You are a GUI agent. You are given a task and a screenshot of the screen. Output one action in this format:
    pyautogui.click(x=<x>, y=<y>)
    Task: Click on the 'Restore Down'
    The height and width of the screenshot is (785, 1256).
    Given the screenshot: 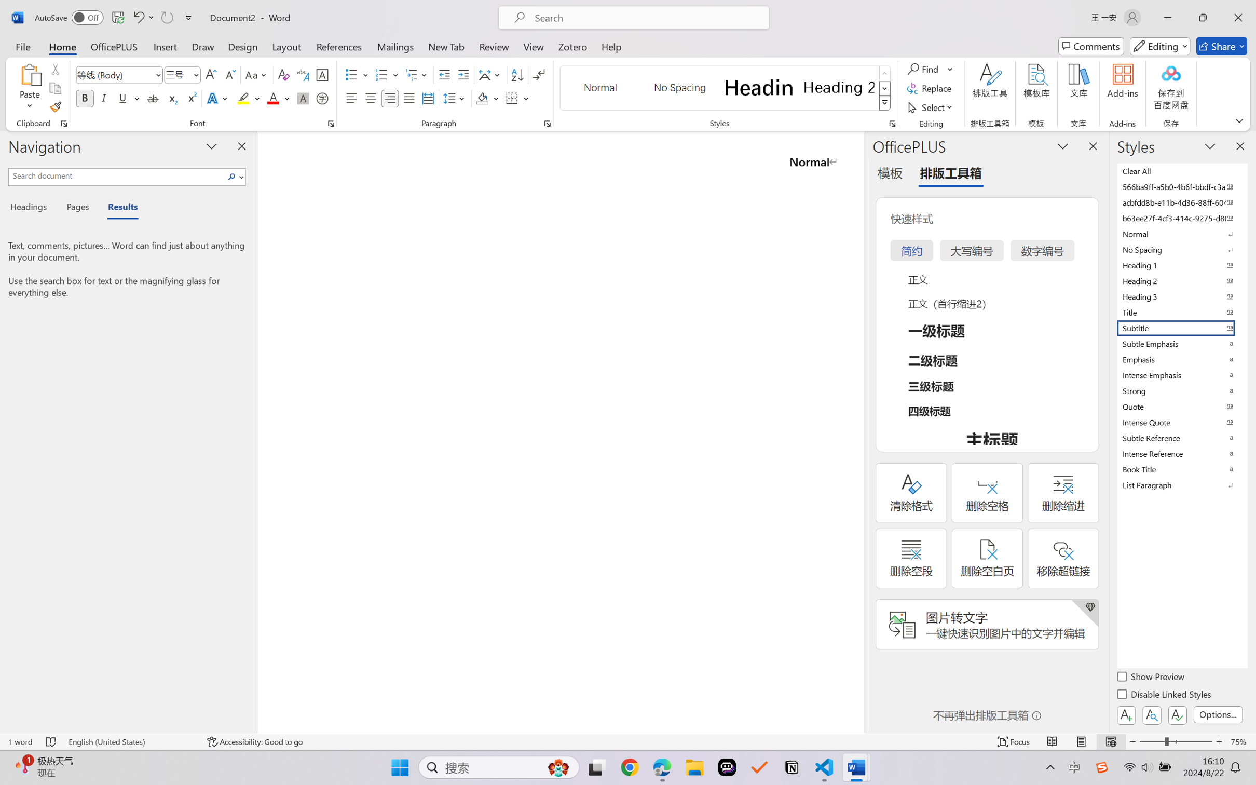 What is the action you would take?
    pyautogui.click(x=1203, y=17)
    